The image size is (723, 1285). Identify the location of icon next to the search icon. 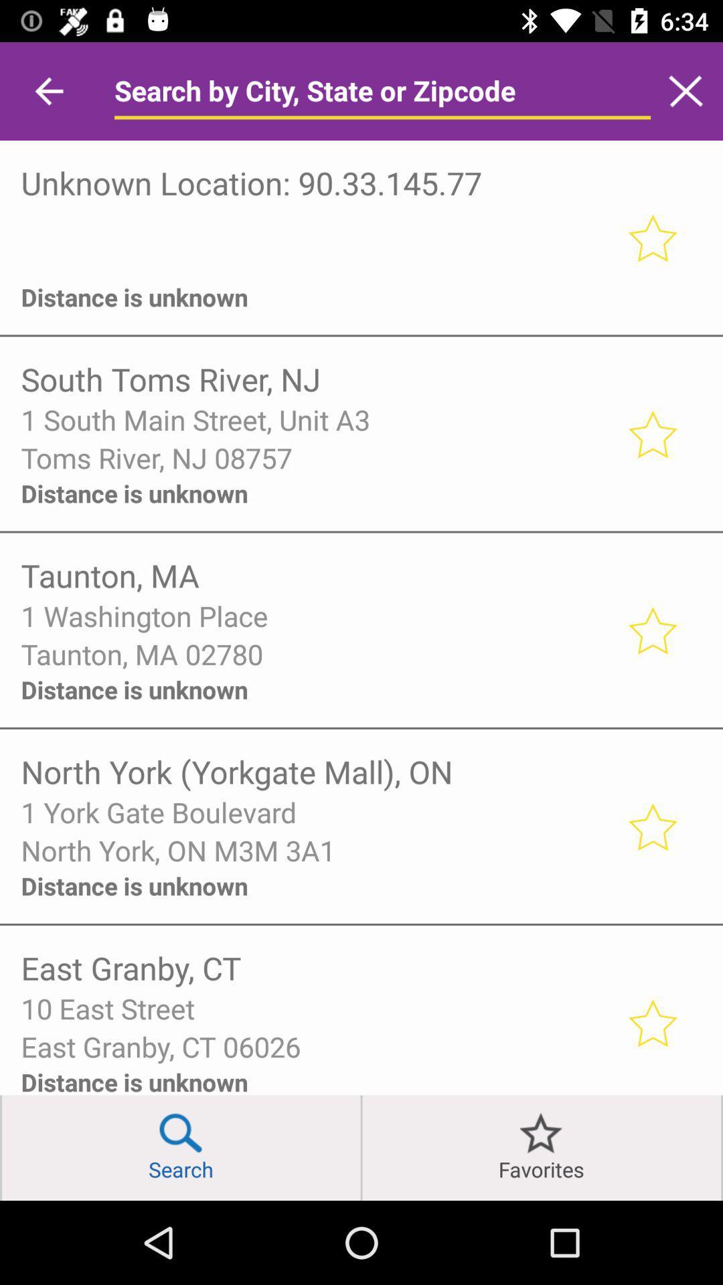
(361, 1147).